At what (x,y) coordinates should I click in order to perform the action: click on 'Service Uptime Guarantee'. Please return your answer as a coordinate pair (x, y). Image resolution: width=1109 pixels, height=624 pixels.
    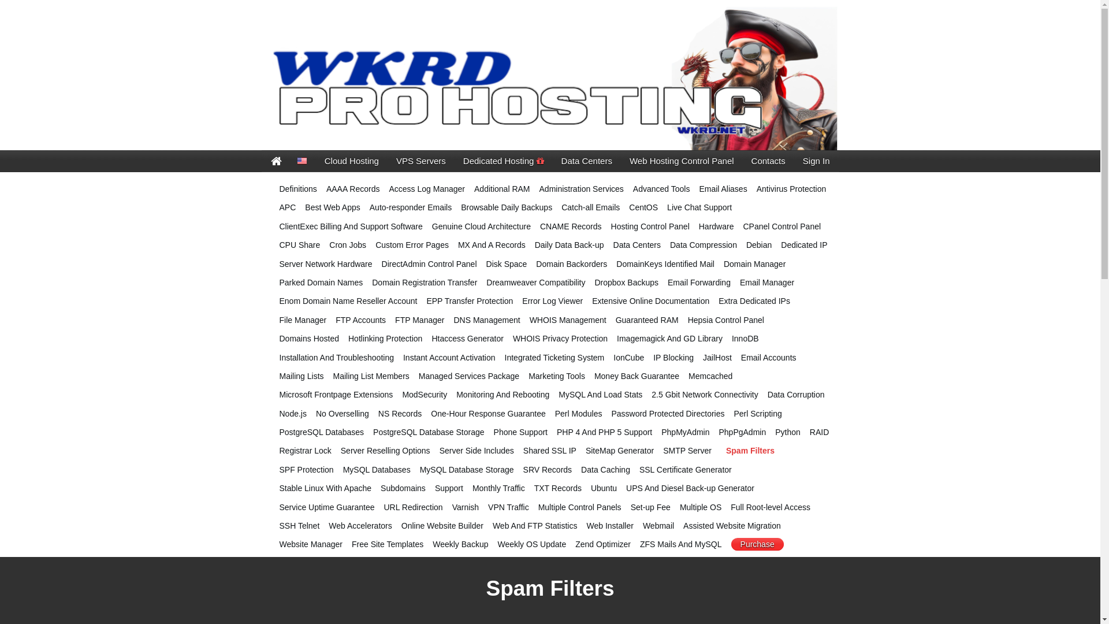
    Looking at the image, I should click on (326, 507).